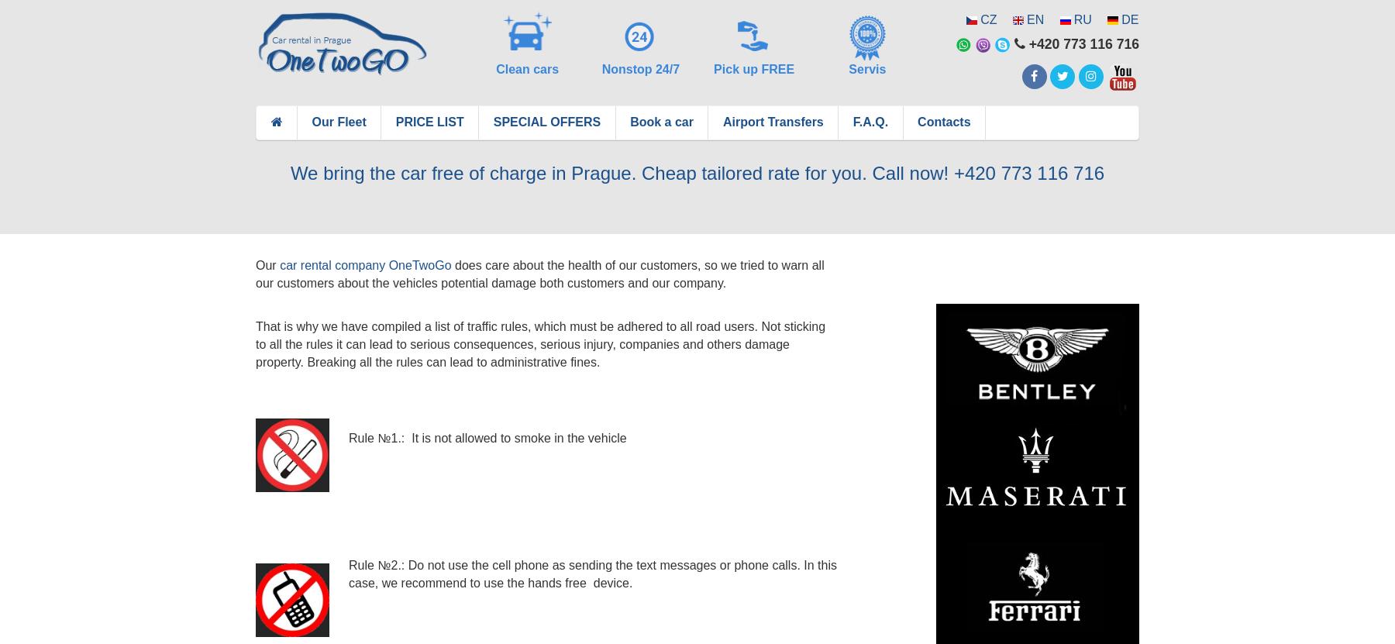  Describe the element at coordinates (339, 121) in the screenshot. I see `'Our Fleet'` at that location.